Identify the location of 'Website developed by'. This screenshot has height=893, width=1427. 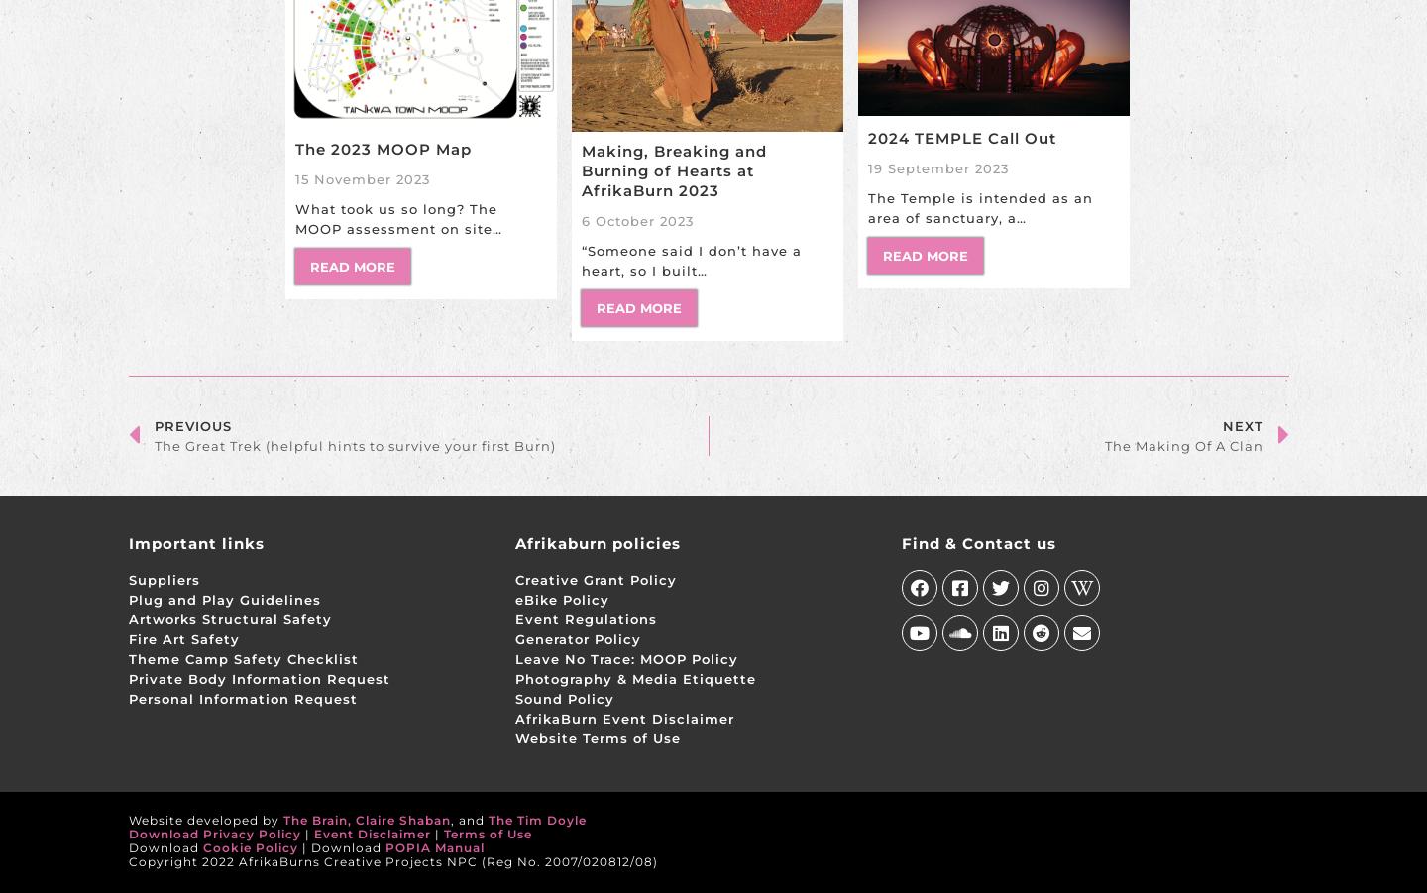
(204, 820).